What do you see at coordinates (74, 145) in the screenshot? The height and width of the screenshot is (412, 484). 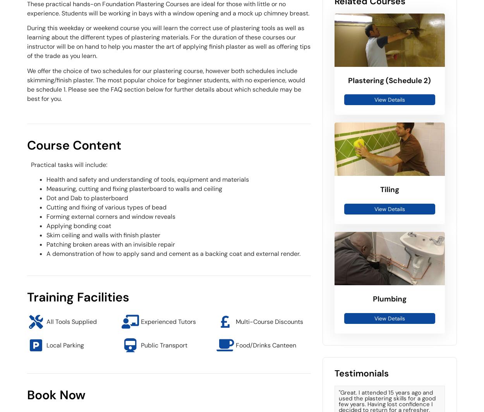 I see `'Course Content'` at bounding box center [74, 145].